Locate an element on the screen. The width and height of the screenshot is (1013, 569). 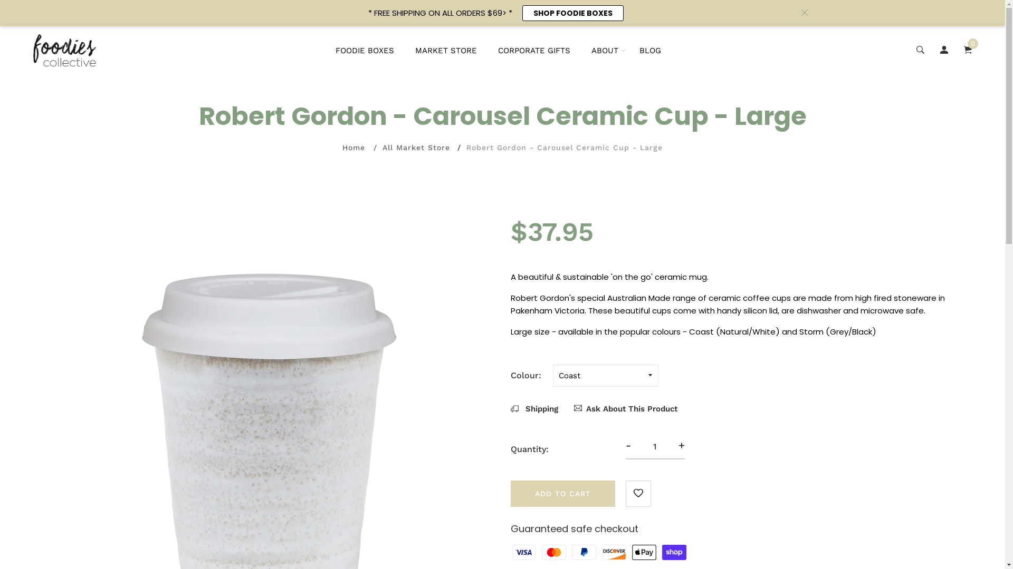
'SHOP FOODIE BOXES' is located at coordinates (572, 13).